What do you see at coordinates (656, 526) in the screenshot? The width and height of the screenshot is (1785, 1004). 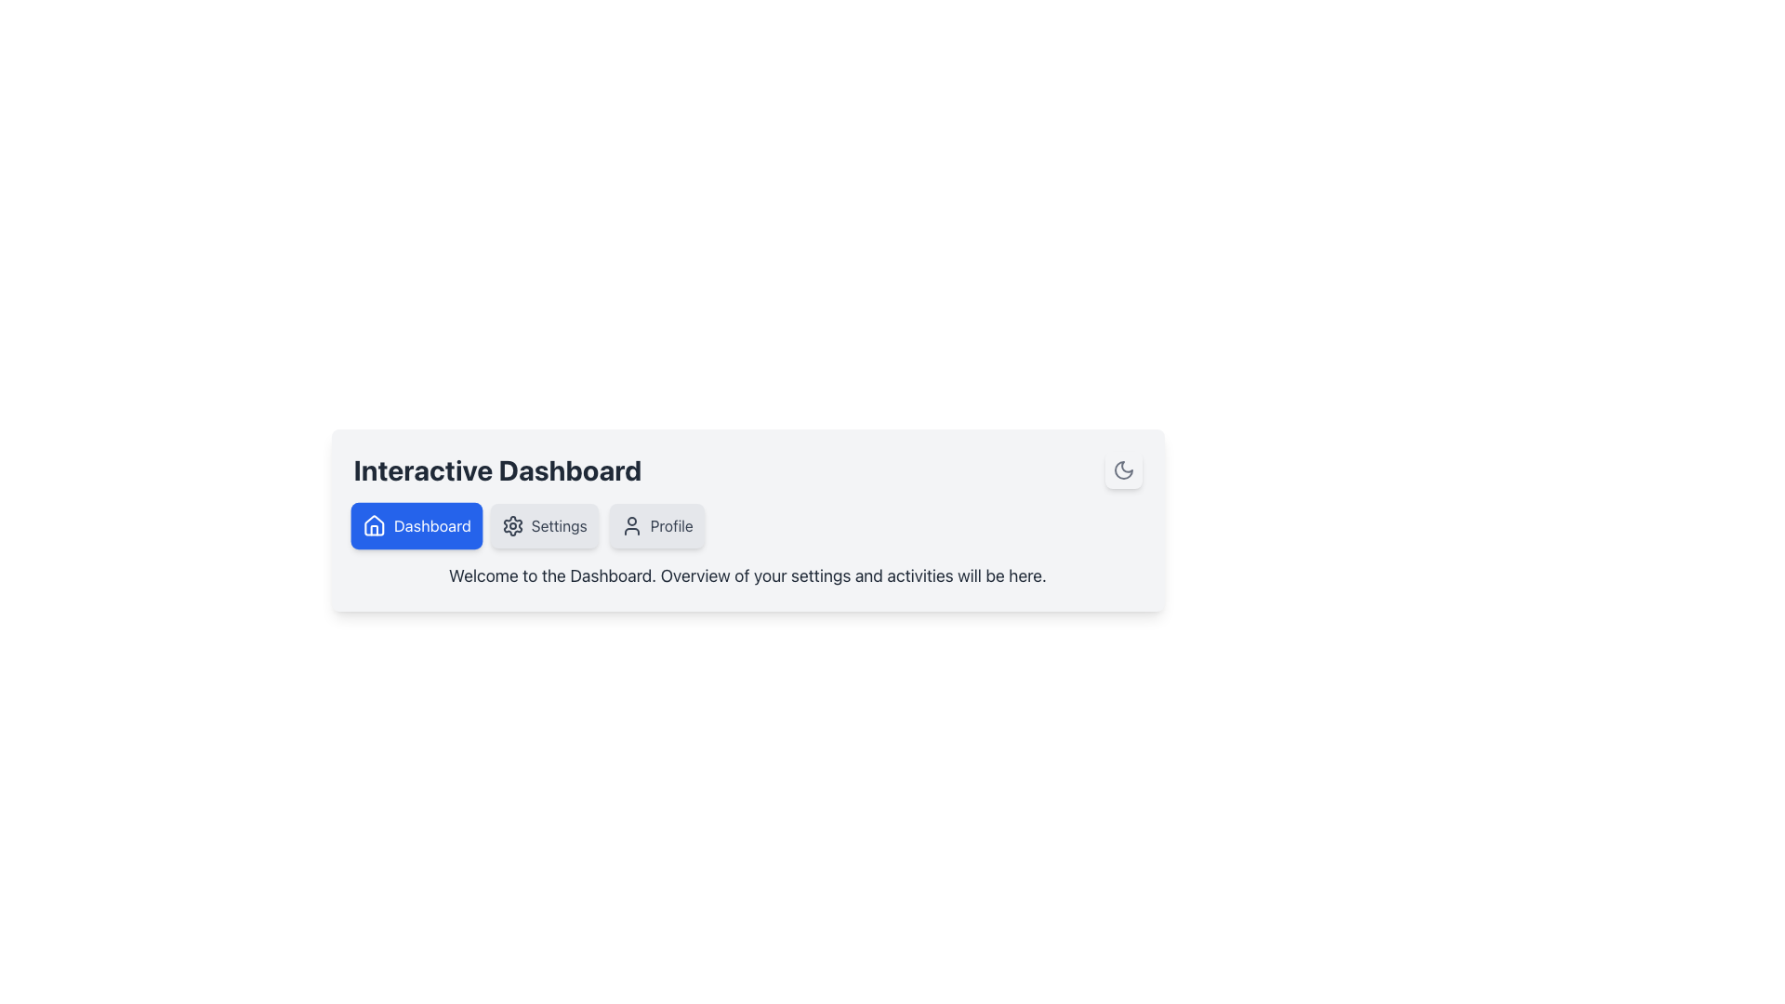 I see `the 'Profile' button that has a light gray background and rounded corners, containing a user profile icon and the text 'Profile'` at bounding box center [656, 526].